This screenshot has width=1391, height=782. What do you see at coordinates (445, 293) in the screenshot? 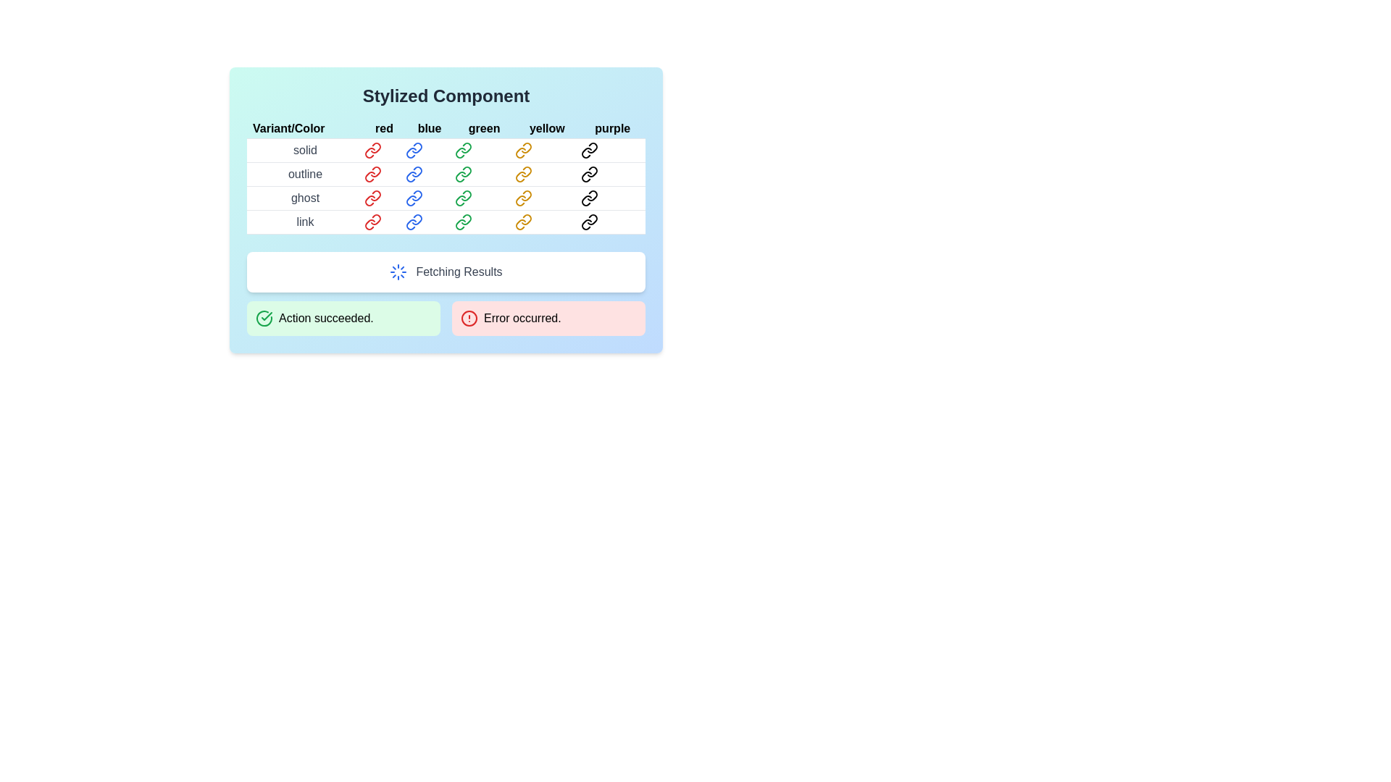
I see `the Notification with dual status indicators, which contains the labels 'Action succeeded.' in green and 'Error occurred.' in red, located under the table in the interface` at bounding box center [445, 293].